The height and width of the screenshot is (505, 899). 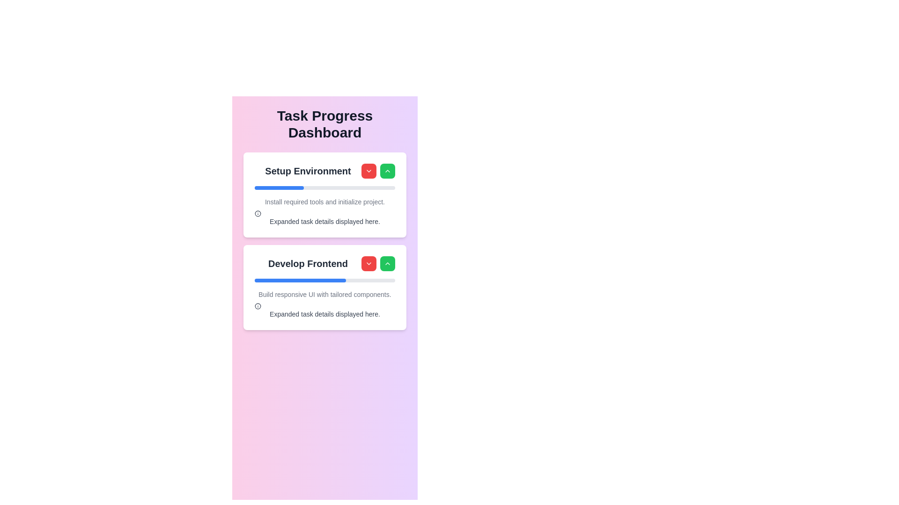 What do you see at coordinates (325, 218) in the screenshot?
I see `the informational Text label located in the 'Setup Environment' section, positioned below the blue progress bar and following the text 'Install required tools and initialize project.'` at bounding box center [325, 218].